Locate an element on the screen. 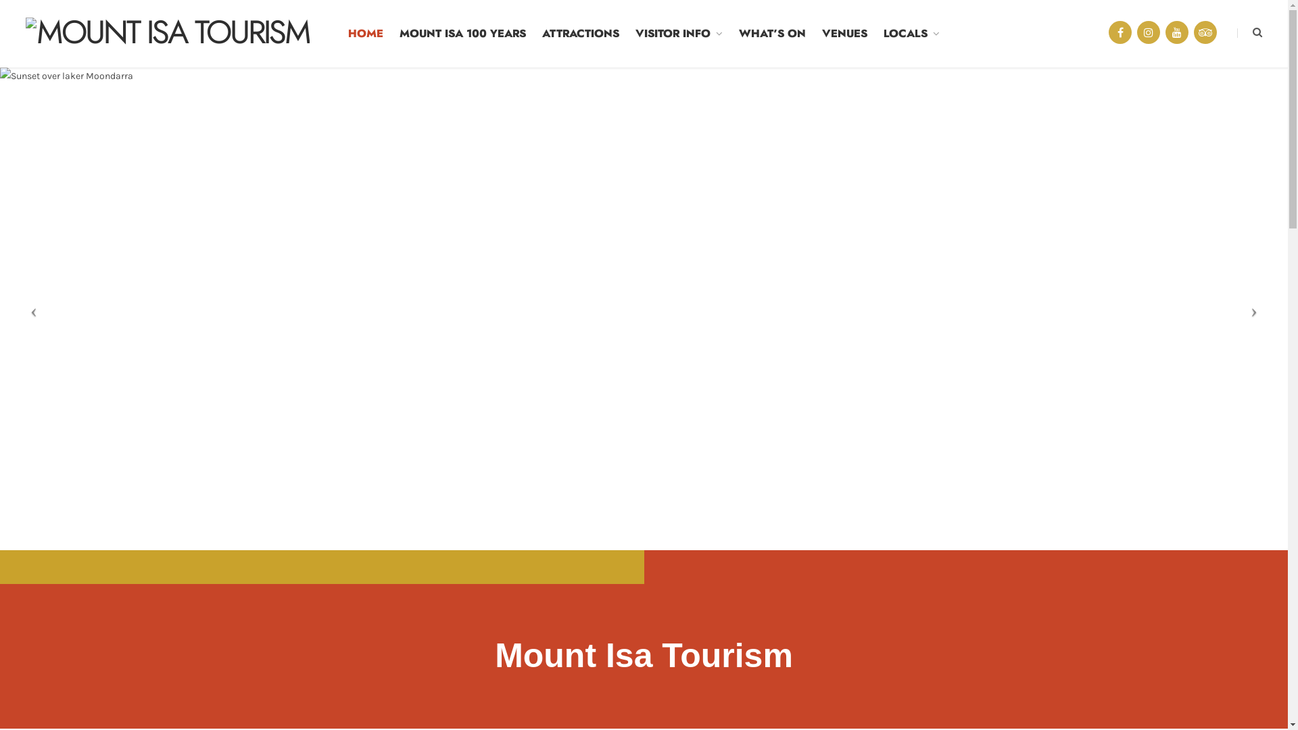 This screenshot has height=730, width=1298. 'VISITOR INFO' is located at coordinates (679, 33).